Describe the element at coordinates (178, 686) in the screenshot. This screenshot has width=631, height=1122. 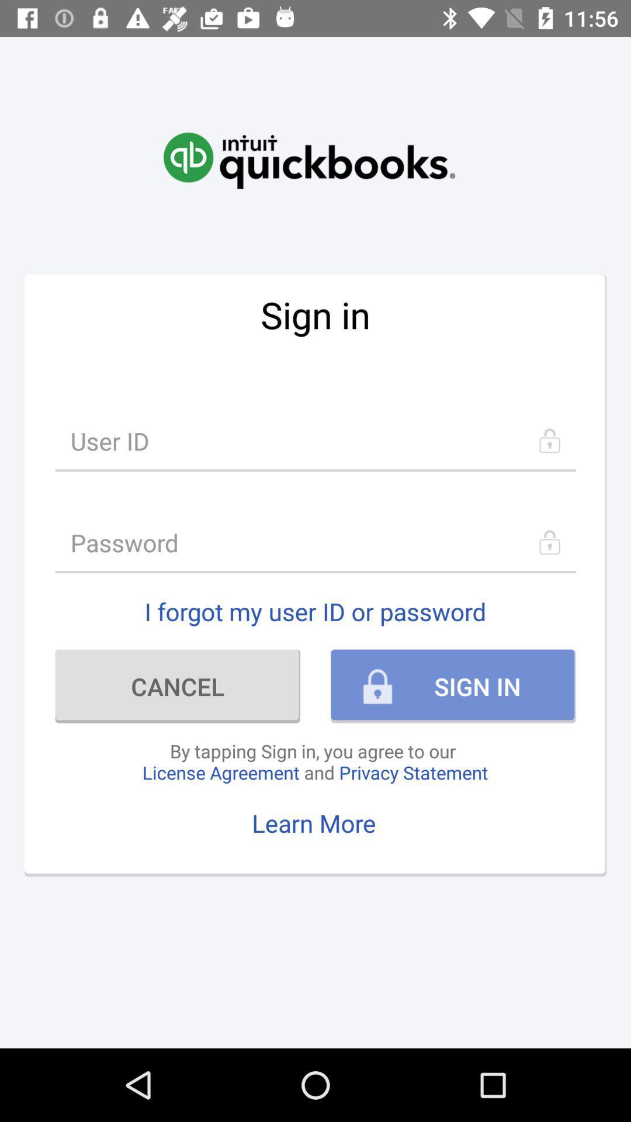
I see `cancel item` at that location.